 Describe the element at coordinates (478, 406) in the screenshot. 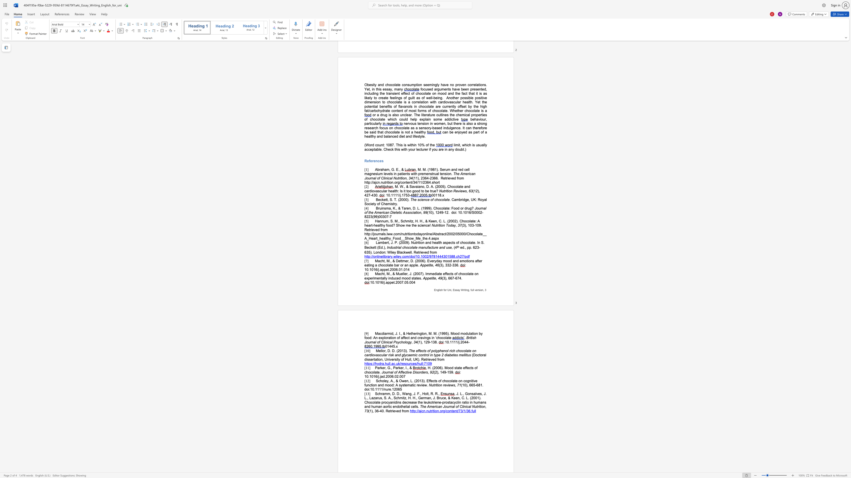

I see `the subset text "ition" within the text "The American Journal of Clinical Nutrition"` at that location.